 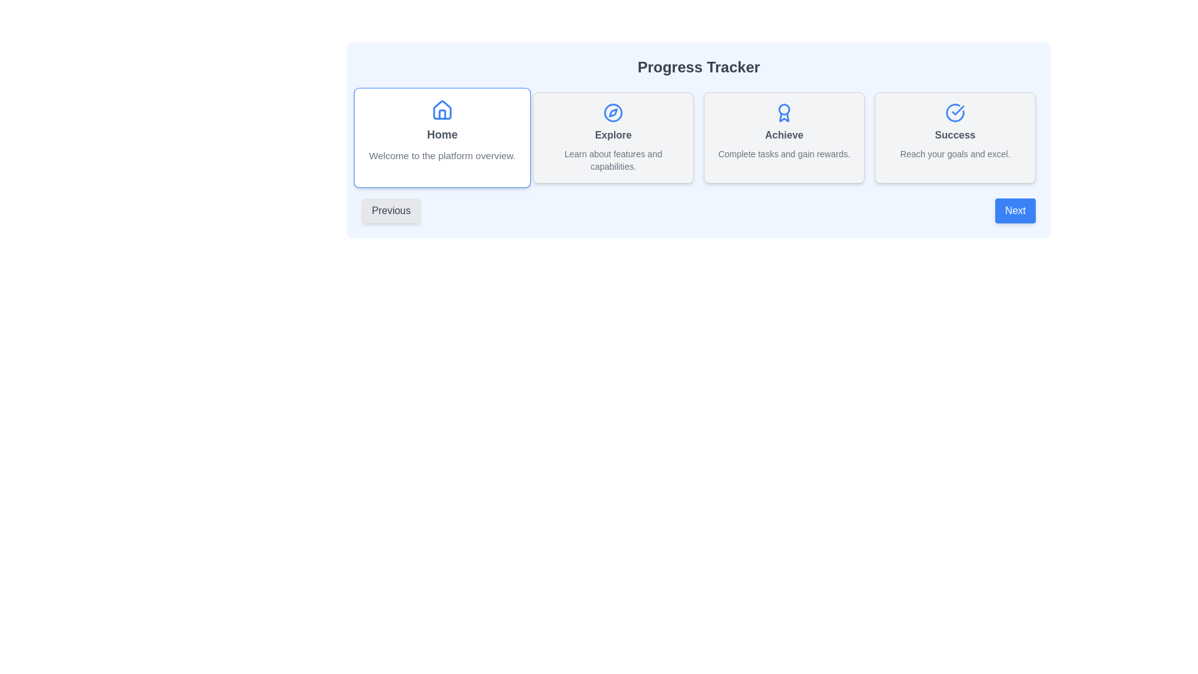 What do you see at coordinates (613, 137) in the screenshot?
I see `the second card in the horizontal grid that serves as a navigation feature for exploring application capabilities` at bounding box center [613, 137].